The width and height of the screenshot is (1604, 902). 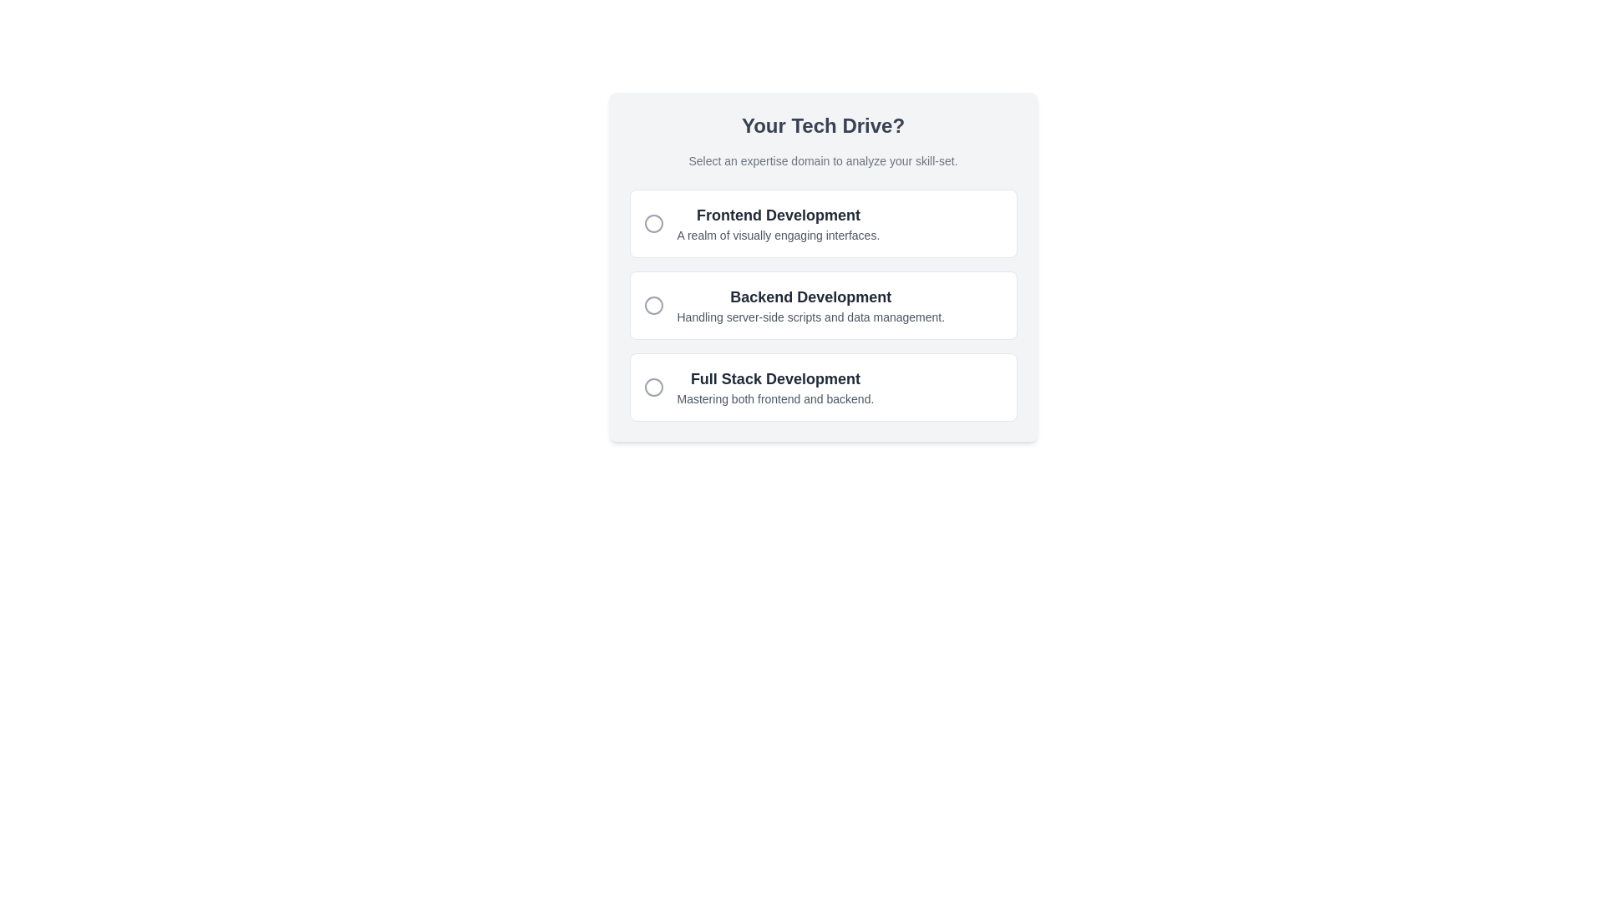 What do you see at coordinates (823, 266) in the screenshot?
I see `content within the dialog titled 'Your Tech Drive?' which contains selectable options for domains of expertise` at bounding box center [823, 266].